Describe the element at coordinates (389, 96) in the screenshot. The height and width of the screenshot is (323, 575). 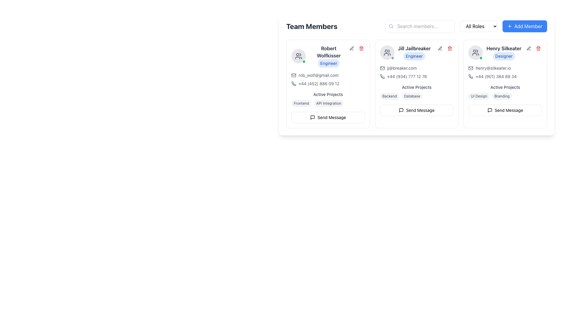
I see `the 'Backend' badge, which is the first badge in the horizontally arranged group within the 'Active Projects' section of the second card` at that location.